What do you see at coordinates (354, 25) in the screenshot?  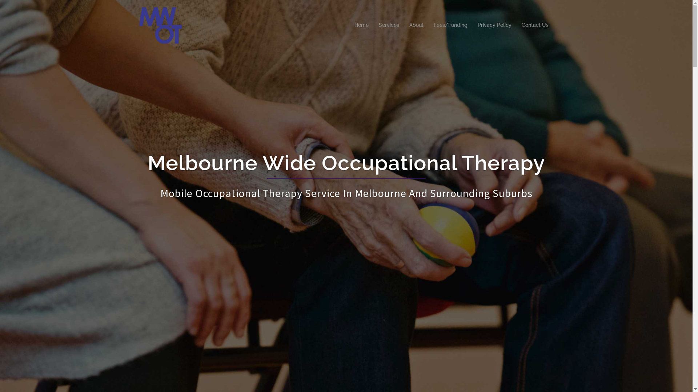 I see `'Home'` at bounding box center [354, 25].